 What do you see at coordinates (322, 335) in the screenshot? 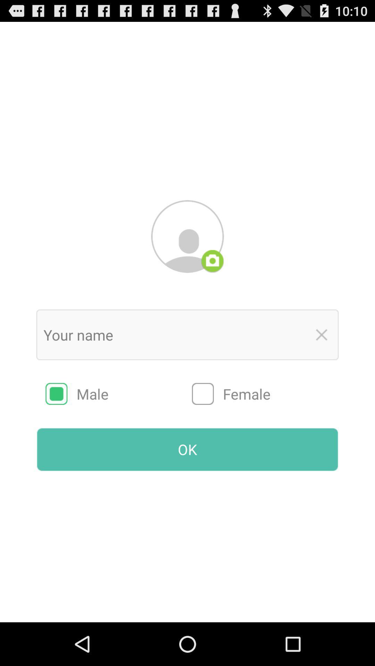
I see `text box` at bounding box center [322, 335].